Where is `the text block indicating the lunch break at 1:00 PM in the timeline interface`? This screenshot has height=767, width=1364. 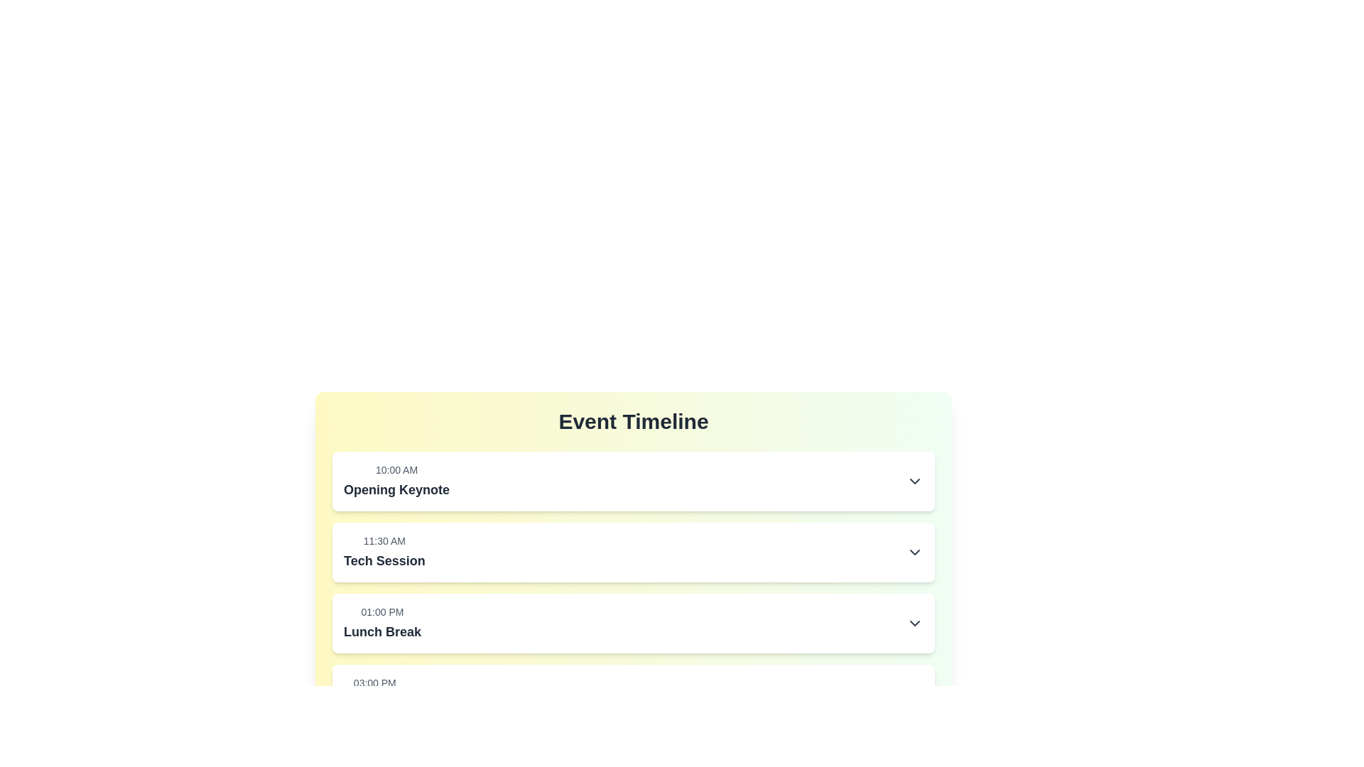
the text block indicating the lunch break at 1:00 PM in the timeline interface is located at coordinates (382, 623).